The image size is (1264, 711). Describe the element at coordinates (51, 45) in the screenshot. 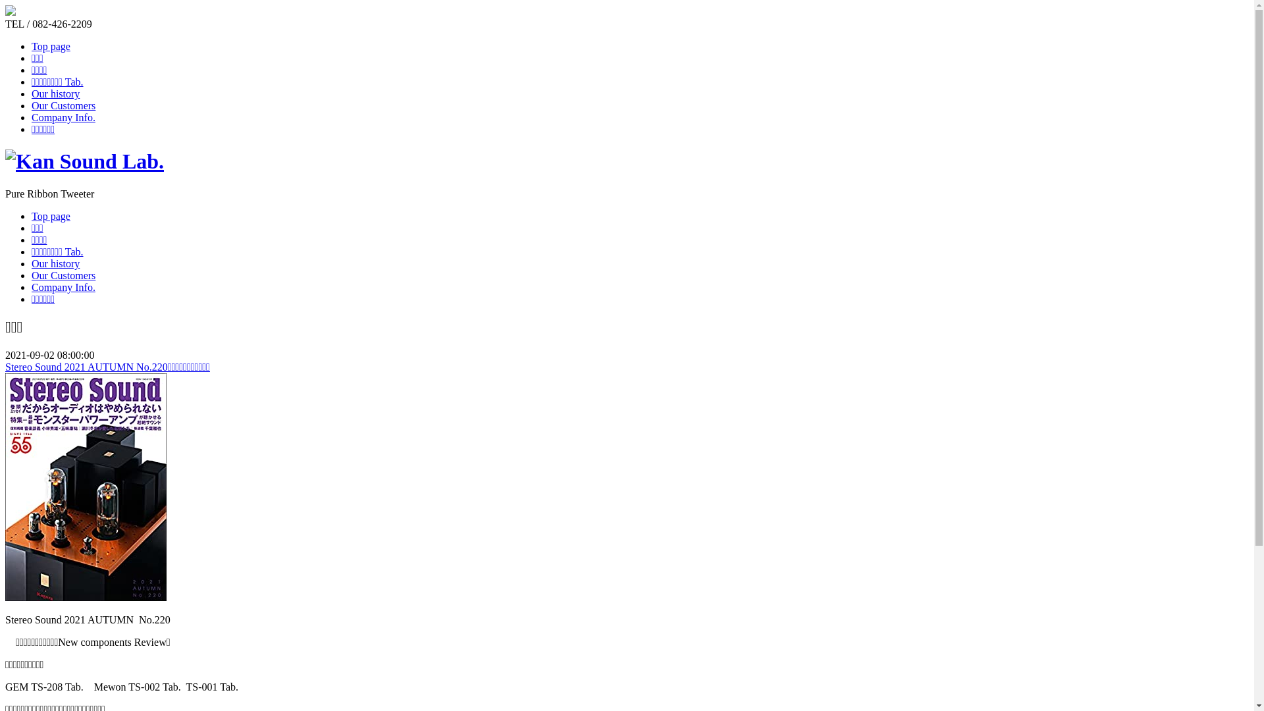

I see `'Top page'` at that location.